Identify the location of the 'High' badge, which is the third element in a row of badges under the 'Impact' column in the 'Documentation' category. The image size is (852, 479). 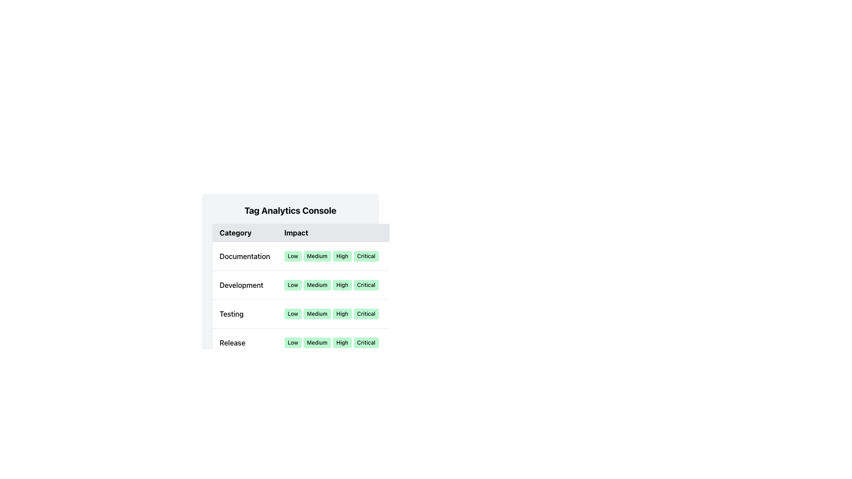
(342, 256).